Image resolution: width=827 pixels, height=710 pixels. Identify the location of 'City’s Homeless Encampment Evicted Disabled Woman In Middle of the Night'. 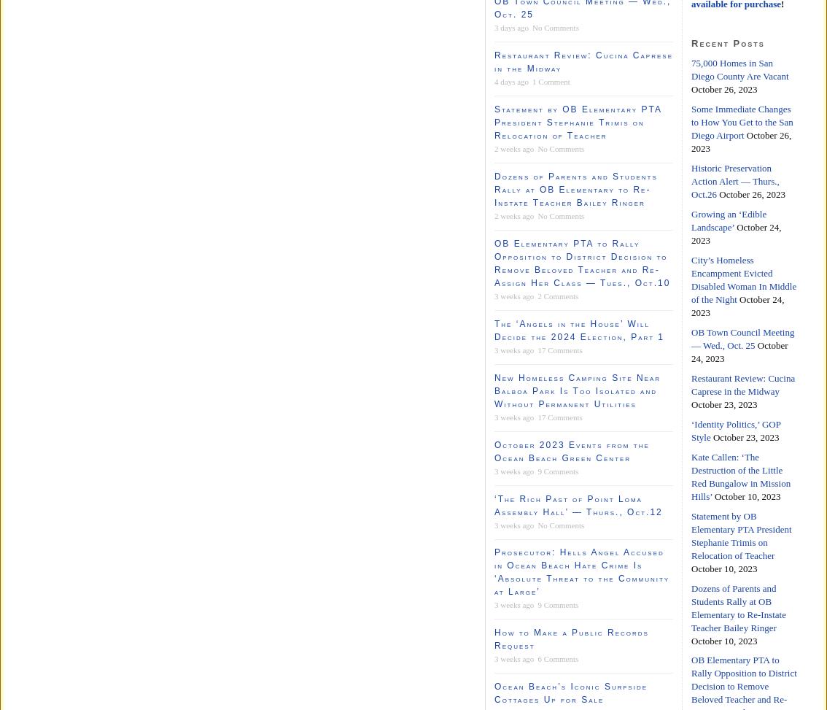
(744, 278).